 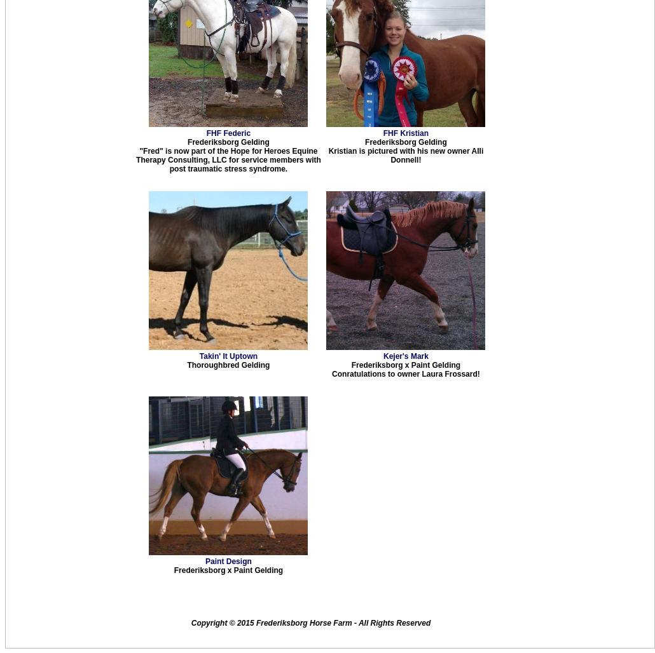 I want to click on '"Fred" is now part of the Hope for Heroes Equine Therapy Consulting, LLC for service members with post traumatic stress syndrome.', so click(x=136, y=159).